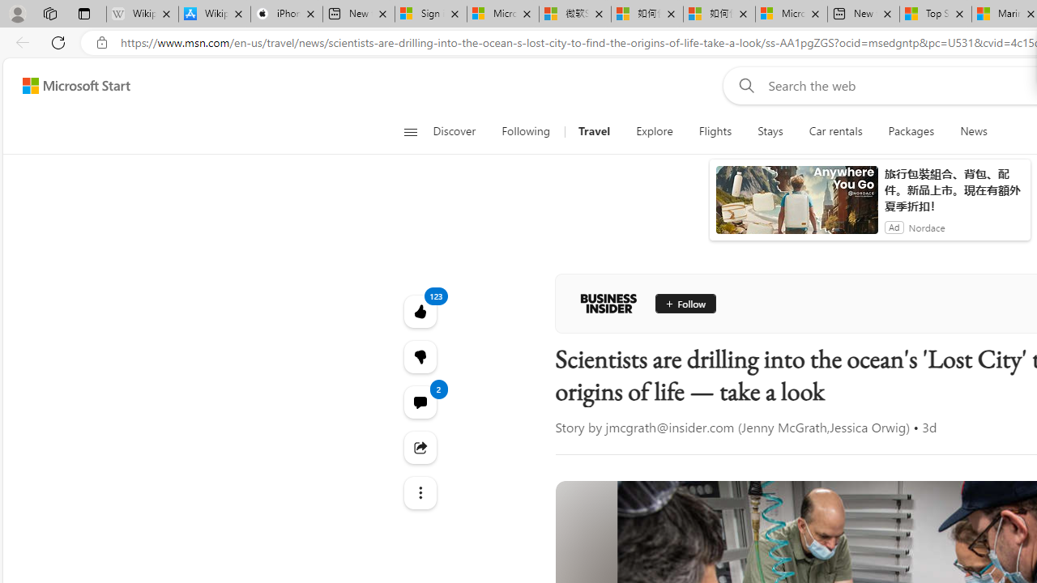 The height and width of the screenshot is (583, 1037). I want to click on 'Stays', so click(770, 131).